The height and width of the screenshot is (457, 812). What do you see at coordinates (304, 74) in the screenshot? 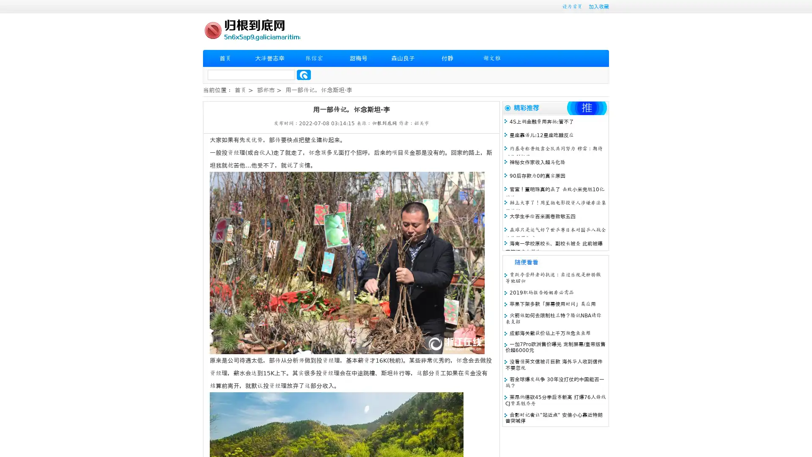
I see `Search` at bounding box center [304, 74].